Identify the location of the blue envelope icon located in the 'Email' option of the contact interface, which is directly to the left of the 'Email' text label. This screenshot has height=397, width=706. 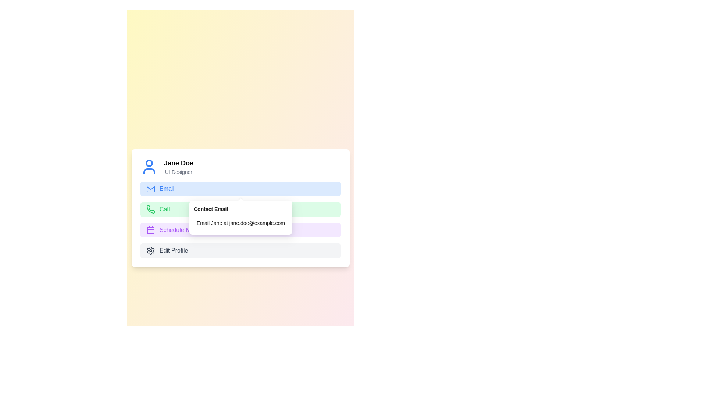
(150, 188).